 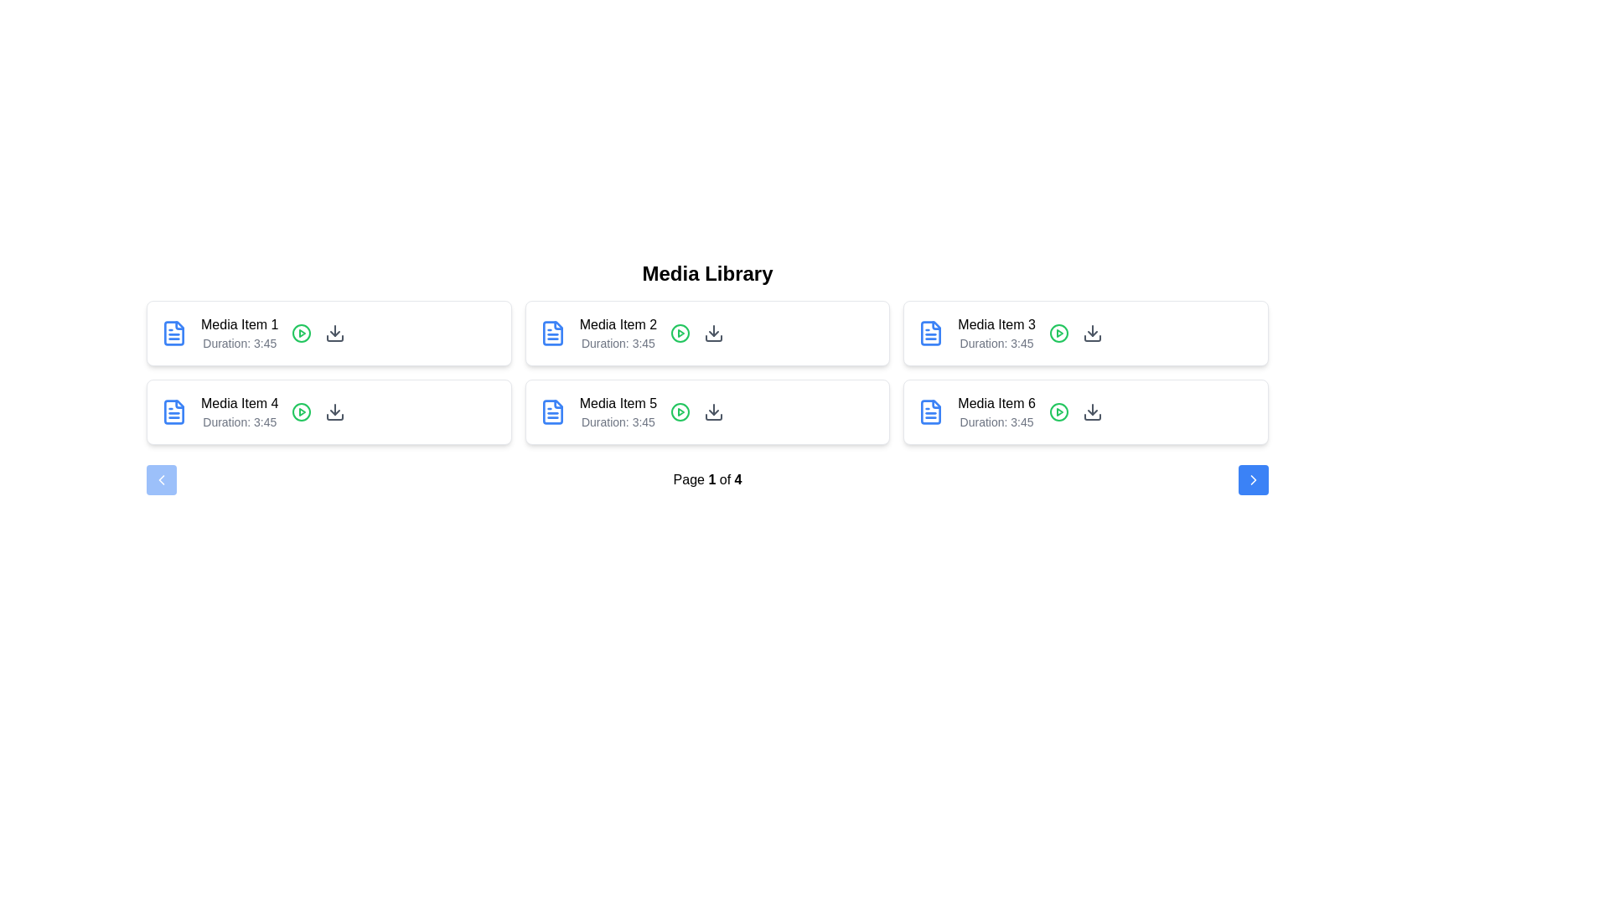 I want to click on text element that displays the total number of pages in the paginated navigation system, specifically the text 'Page 1 of 4' located to the right of the digit '1' in the footer area, so click(x=737, y=479).